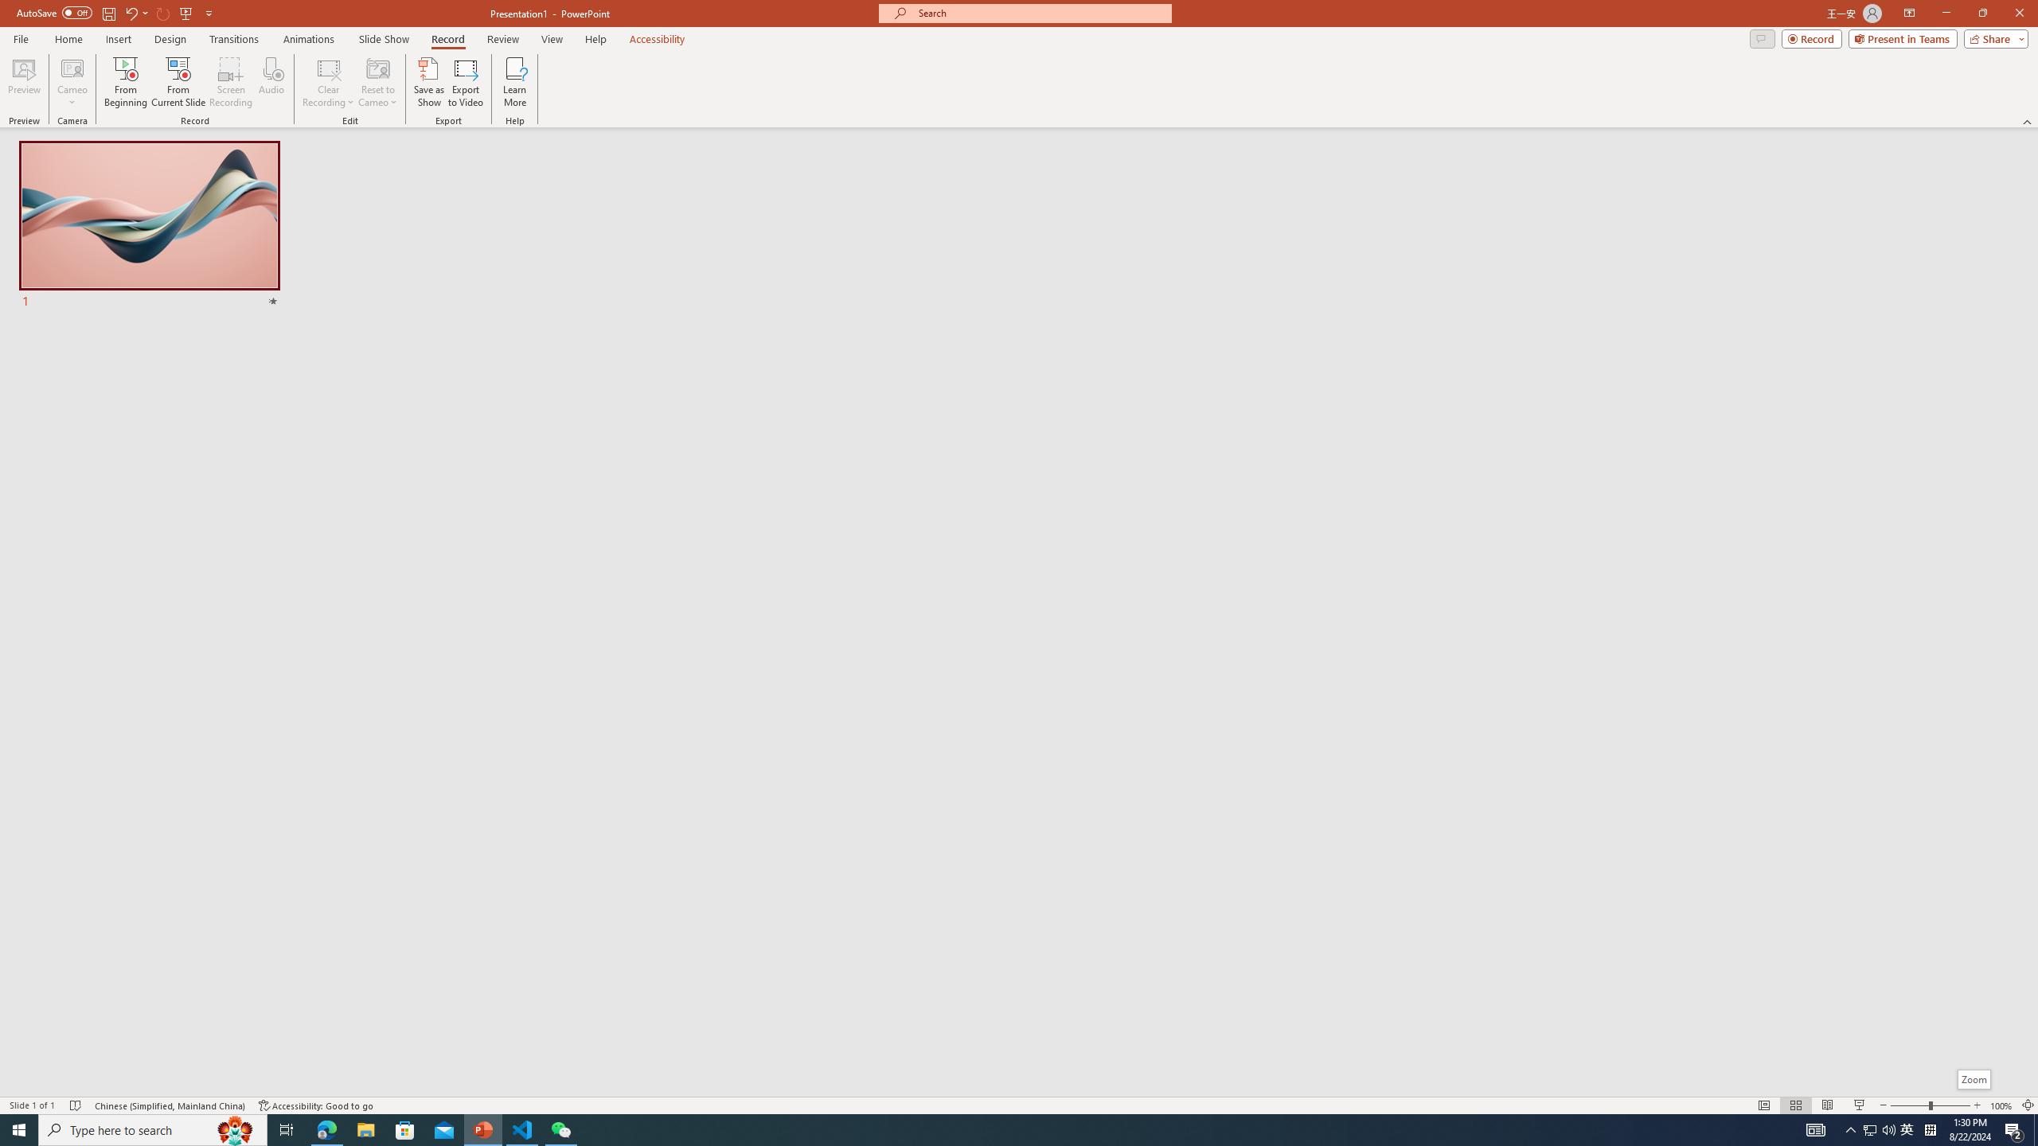  What do you see at coordinates (2002, 1105) in the screenshot?
I see `'Zoom 100%'` at bounding box center [2002, 1105].